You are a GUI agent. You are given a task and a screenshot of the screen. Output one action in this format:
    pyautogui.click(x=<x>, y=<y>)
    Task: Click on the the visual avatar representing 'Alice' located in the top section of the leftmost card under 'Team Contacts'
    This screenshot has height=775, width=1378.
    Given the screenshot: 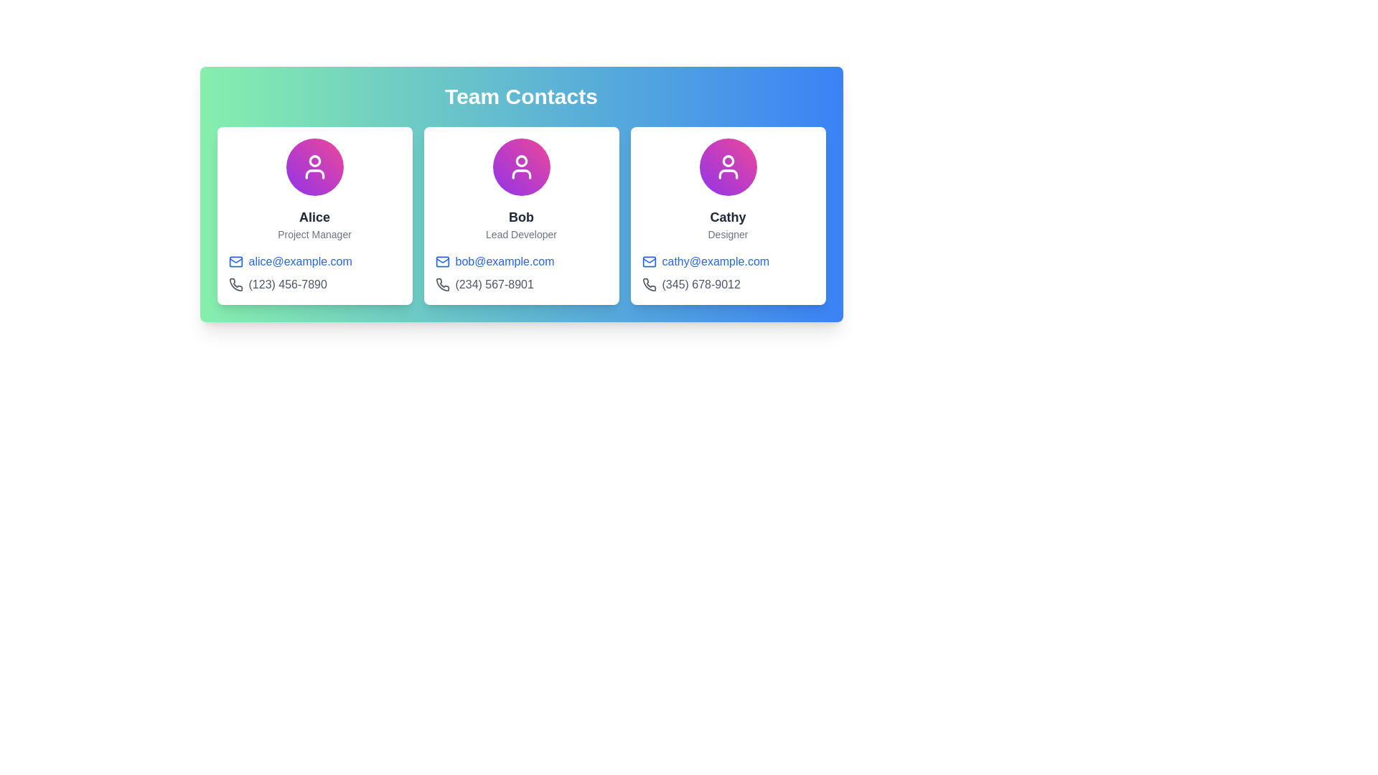 What is the action you would take?
    pyautogui.click(x=314, y=166)
    